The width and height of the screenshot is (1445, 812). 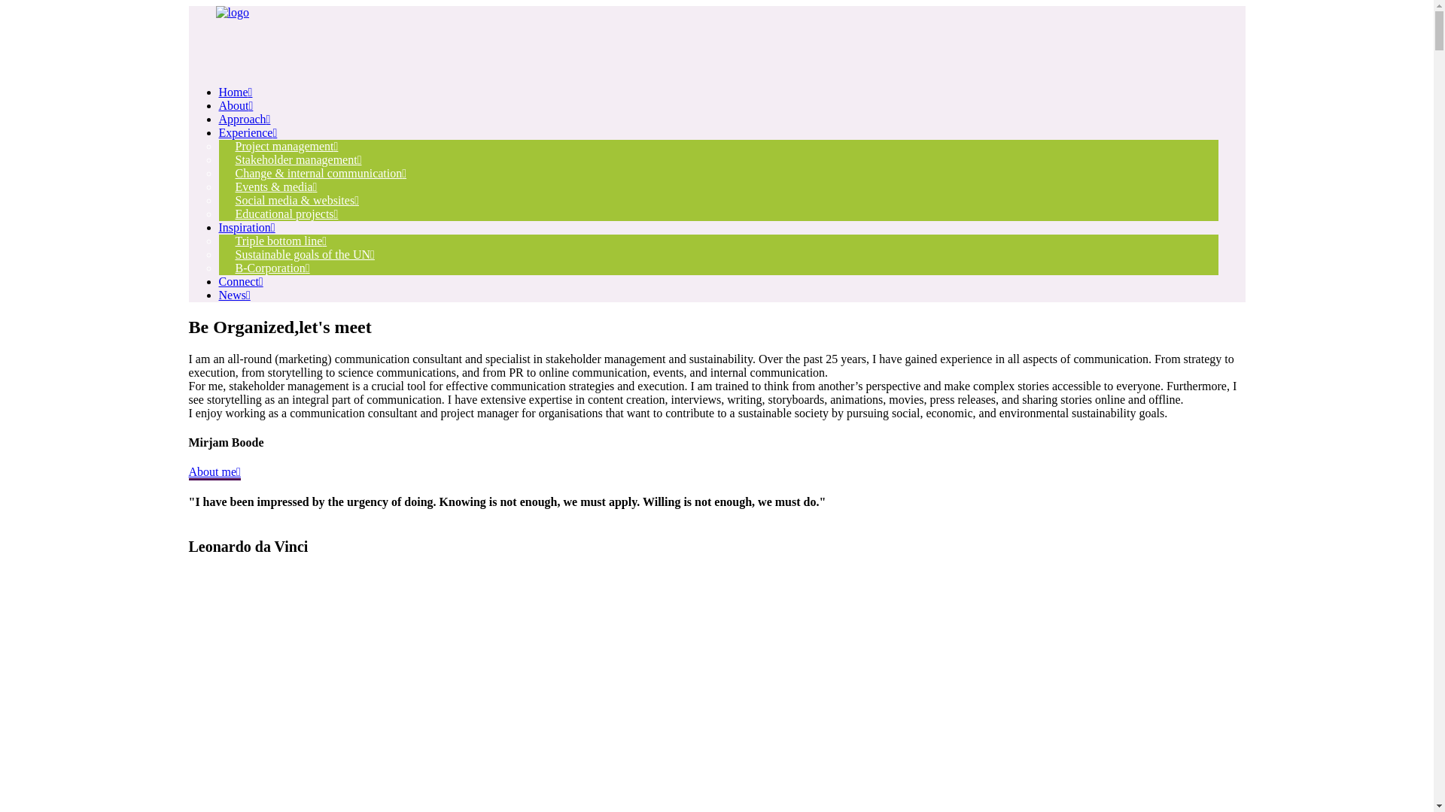 What do you see at coordinates (239, 281) in the screenshot?
I see `'Connect'` at bounding box center [239, 281].